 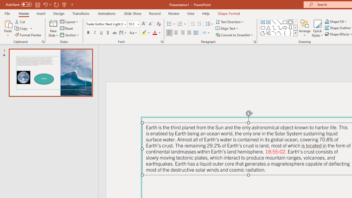 What do you see at coordinates (295, 33) in the screenshot?
I see `'Shapes'` at bounding box center [295, 33].